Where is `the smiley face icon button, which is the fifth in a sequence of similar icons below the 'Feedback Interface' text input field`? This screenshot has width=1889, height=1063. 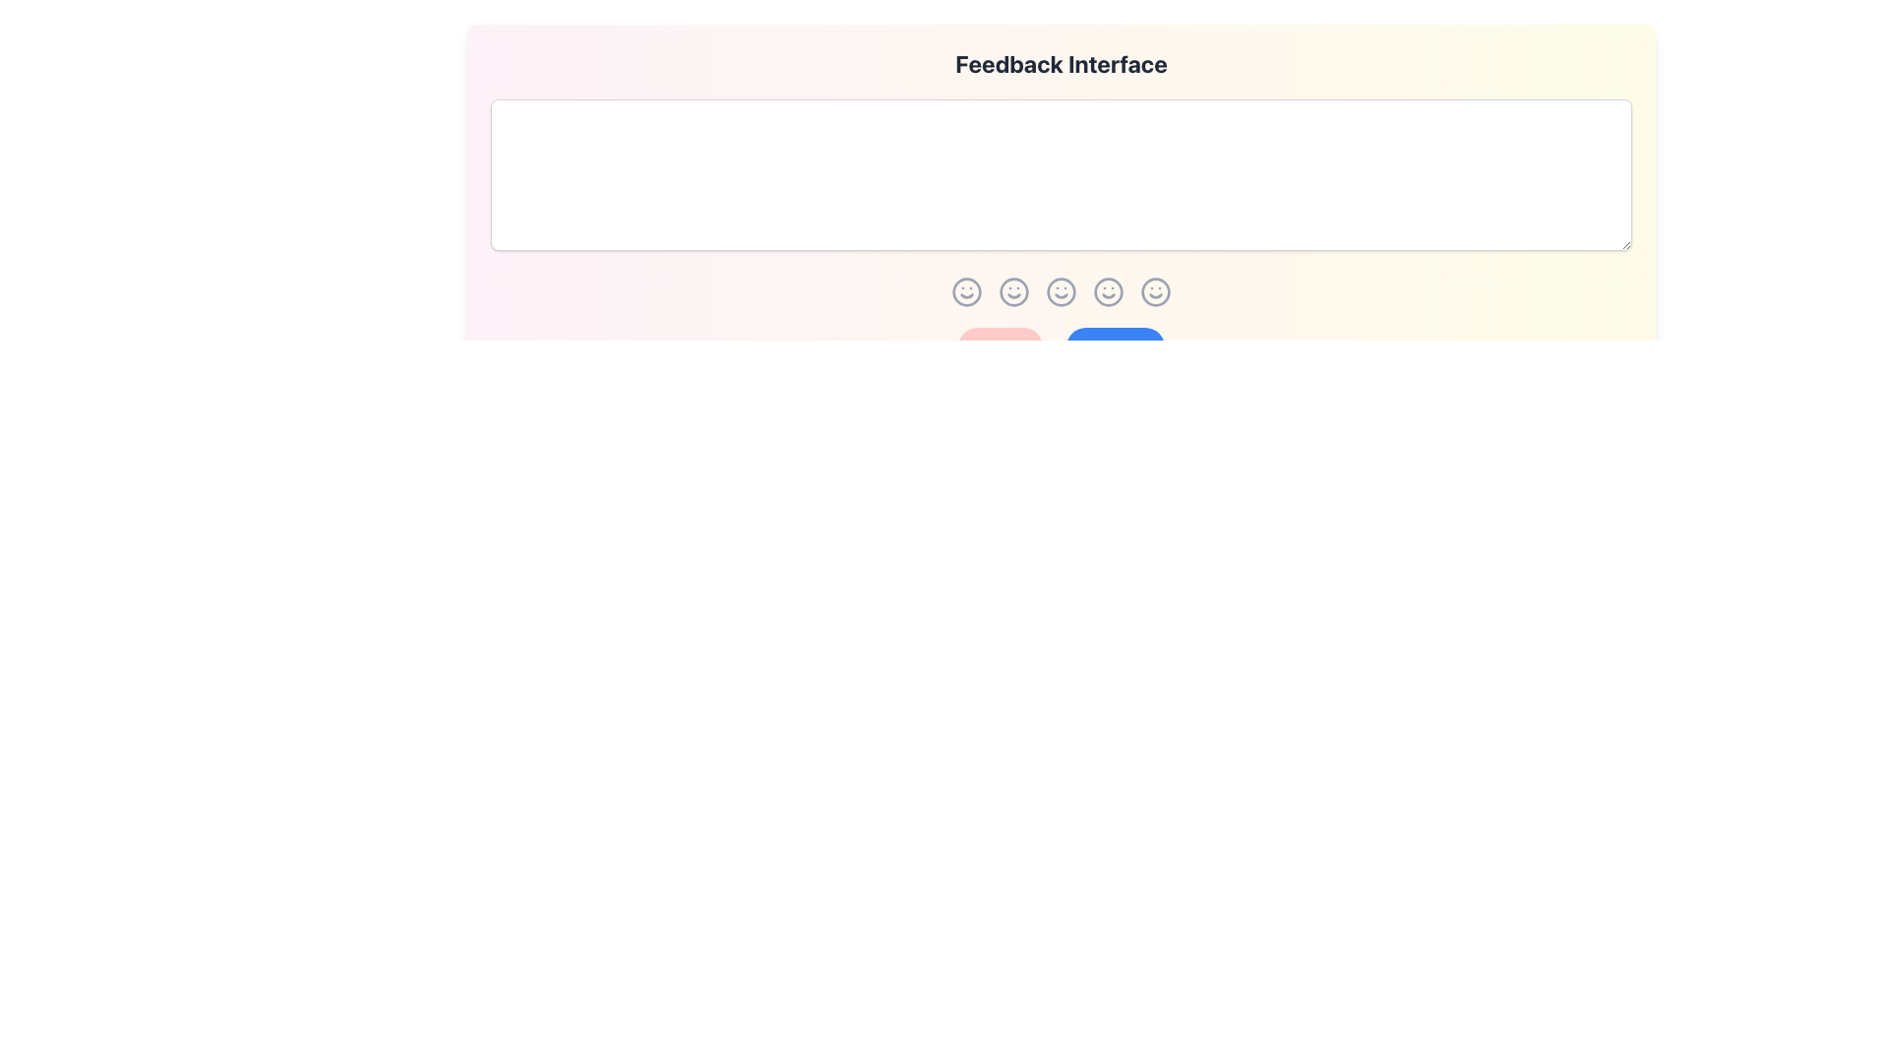 the smiley face icon button, which is the fifth in a sequence of similar icons below the 'Feedback Interface' text input field is located at coordinates (1109, 292).